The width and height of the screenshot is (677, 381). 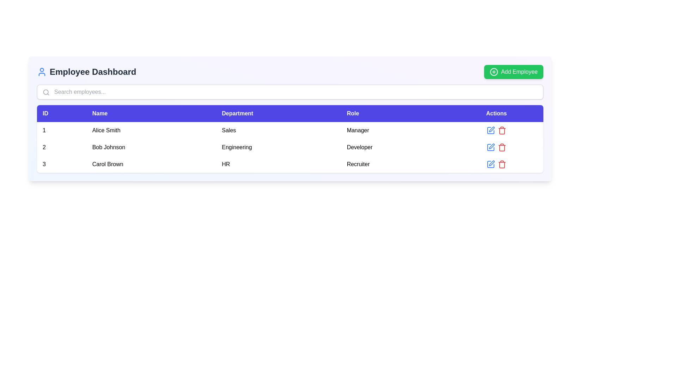 I want to click on the edit icon in the Actions column of the second row, so click(x=490, y=147).